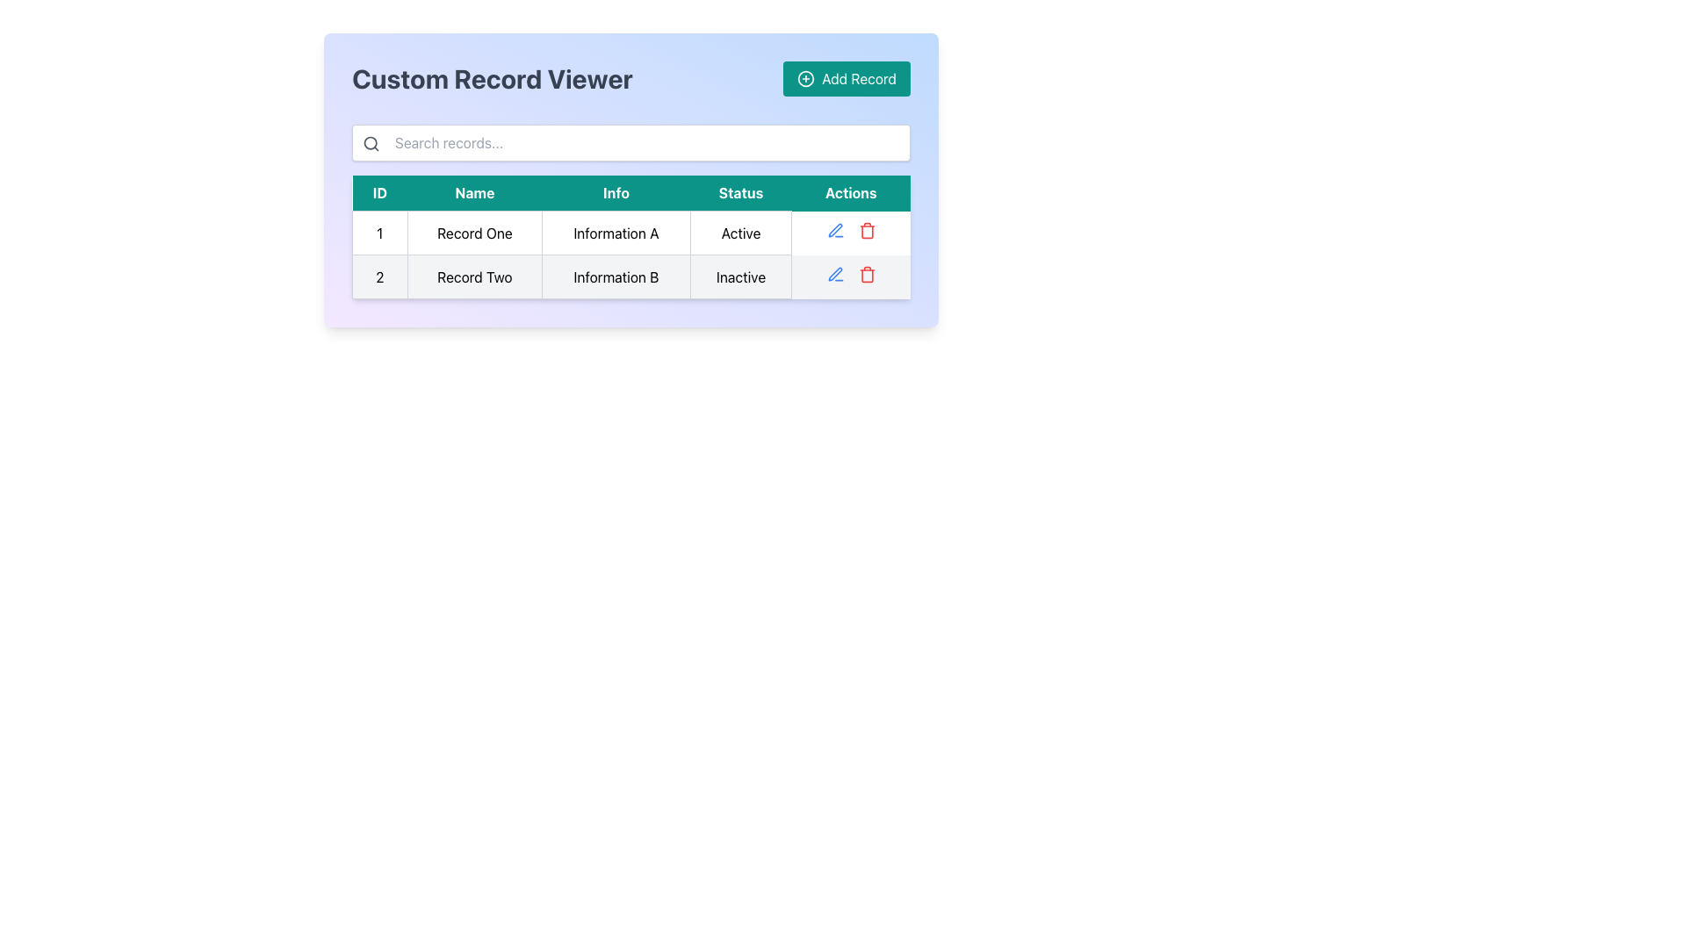  Describe the element at coordinates (631, 77) in the screenshot. I see `the title of the Header with Action Button` at that location.